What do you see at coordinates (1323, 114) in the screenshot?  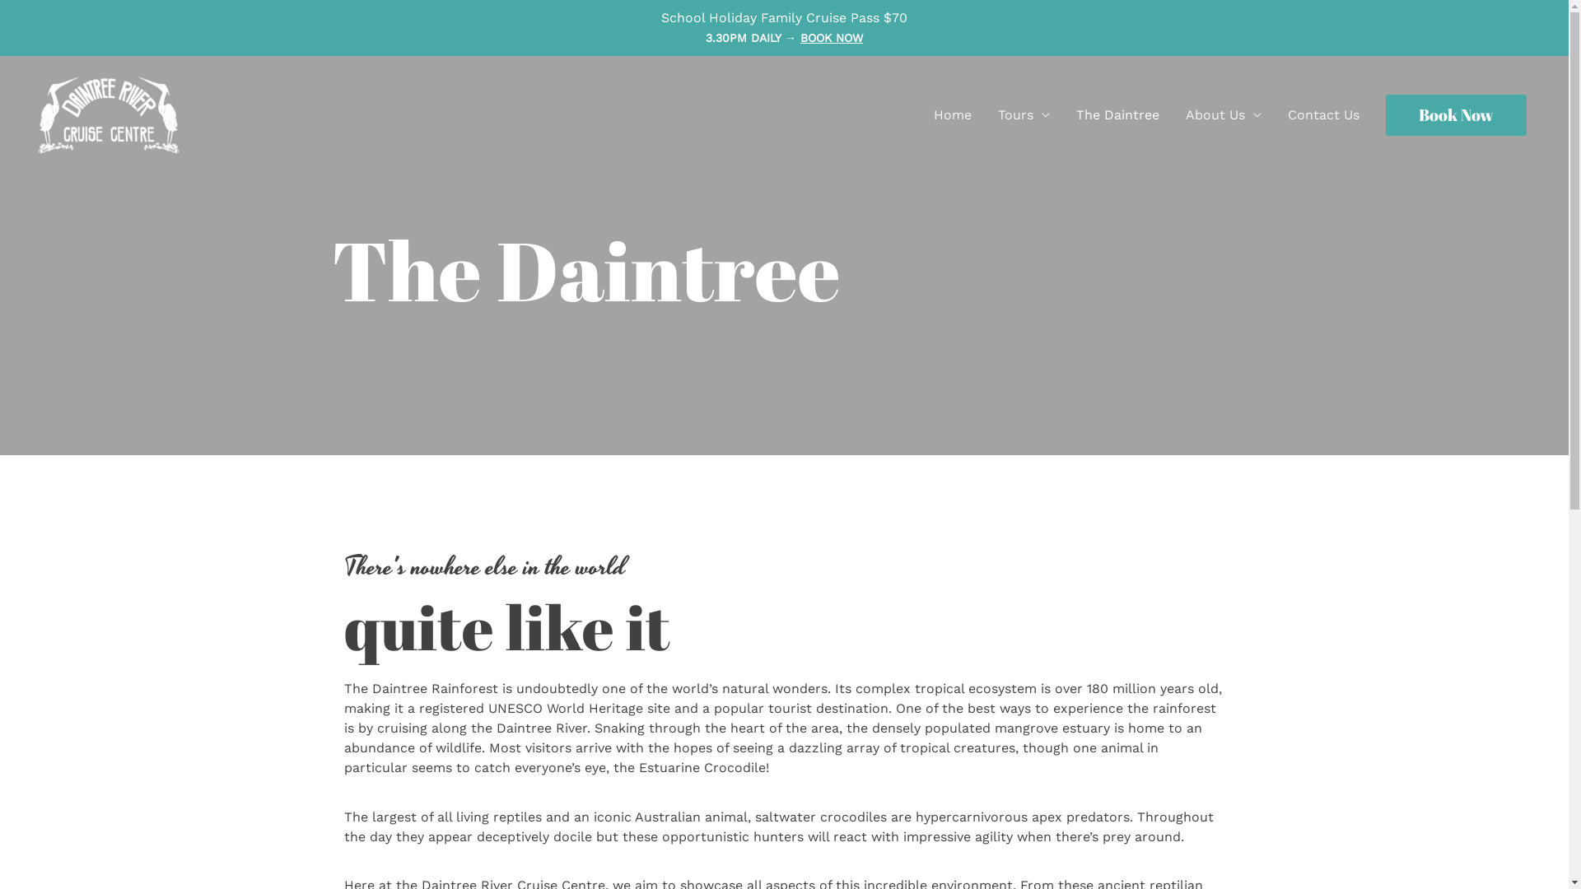 I see `'Contact Us'` at bounding box center [1323, 114].